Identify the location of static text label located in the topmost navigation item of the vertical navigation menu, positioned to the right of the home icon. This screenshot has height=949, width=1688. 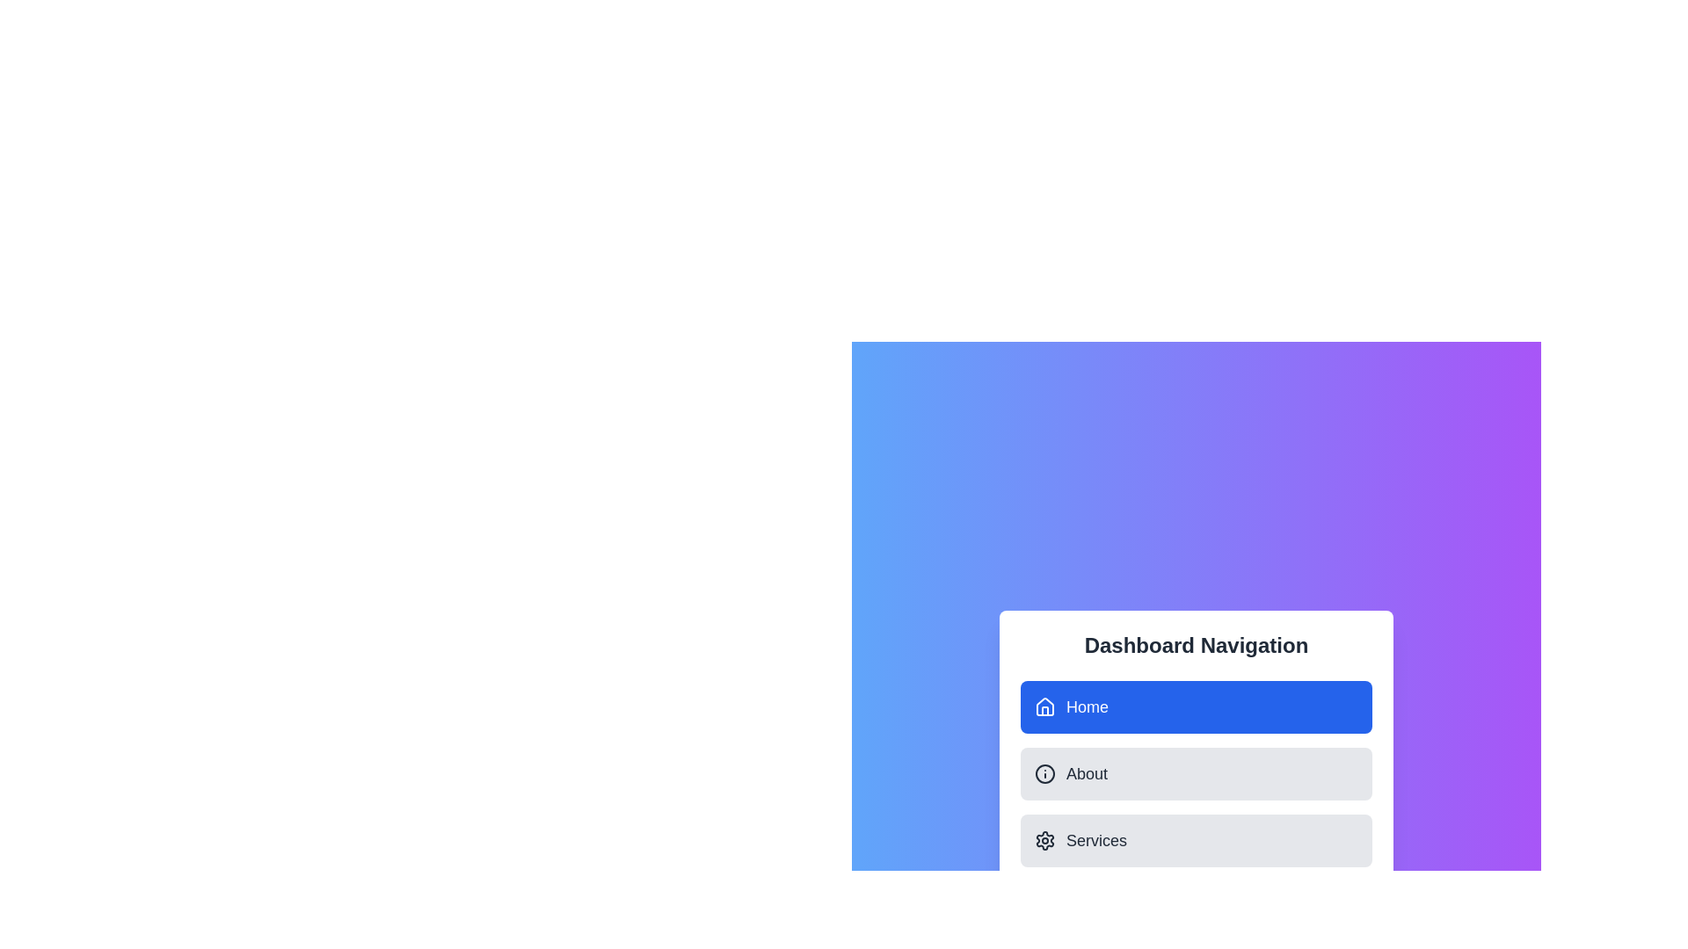
(1087, 706).